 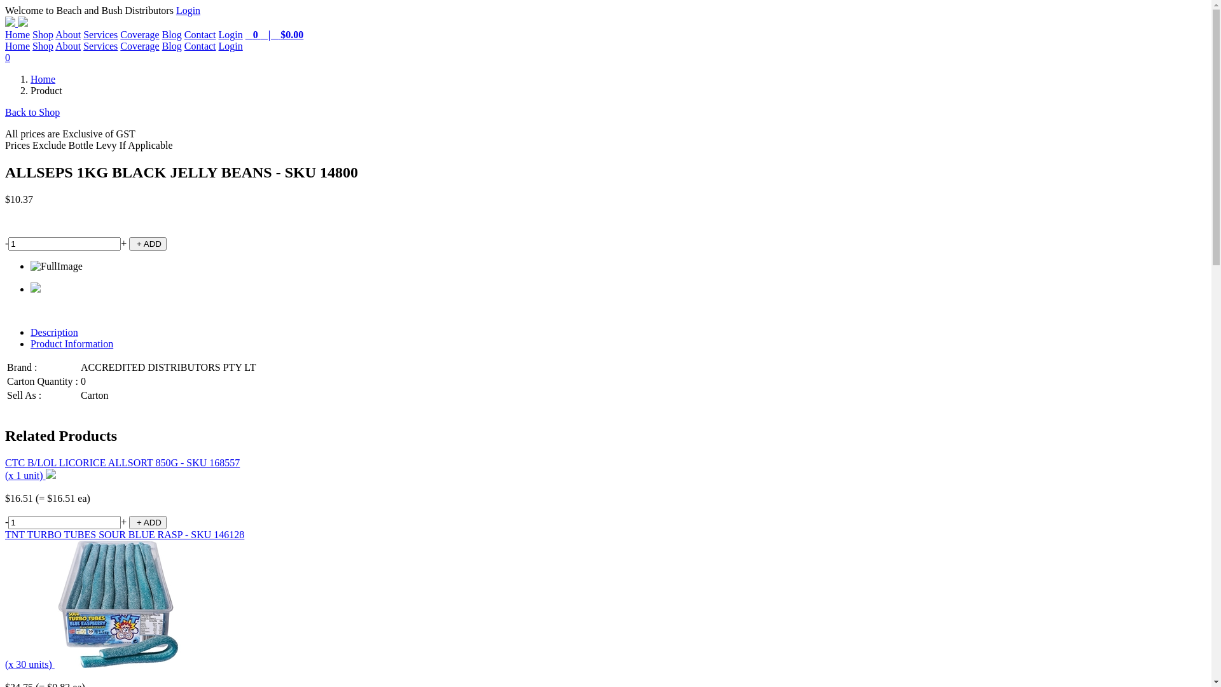 I want to click on '+', so click(x=123, y=522).